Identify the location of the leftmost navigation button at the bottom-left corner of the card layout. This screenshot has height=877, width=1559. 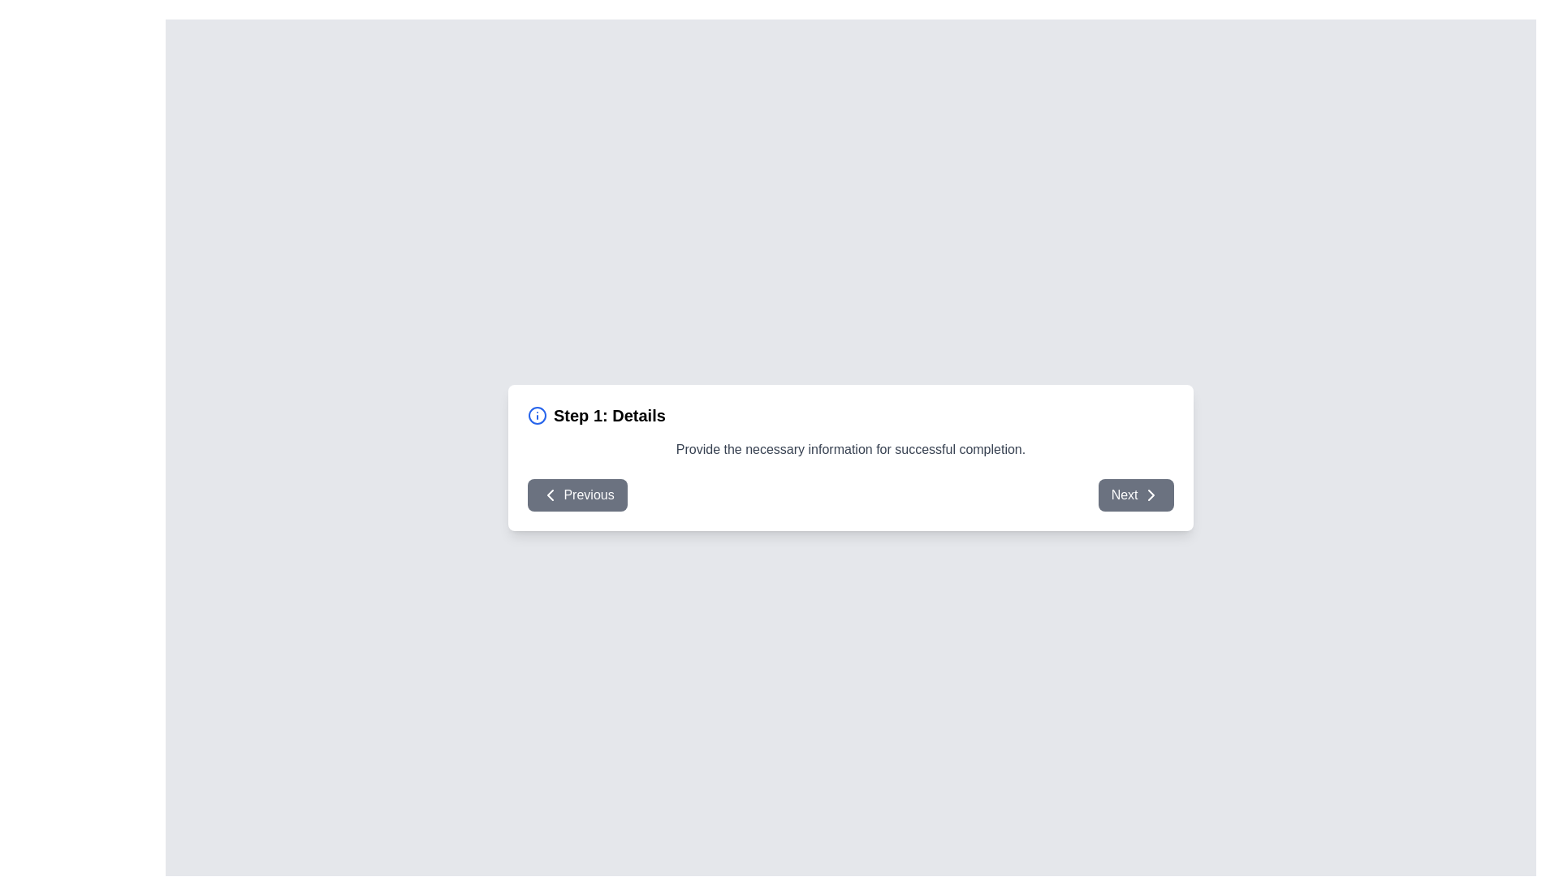
(577, 494).